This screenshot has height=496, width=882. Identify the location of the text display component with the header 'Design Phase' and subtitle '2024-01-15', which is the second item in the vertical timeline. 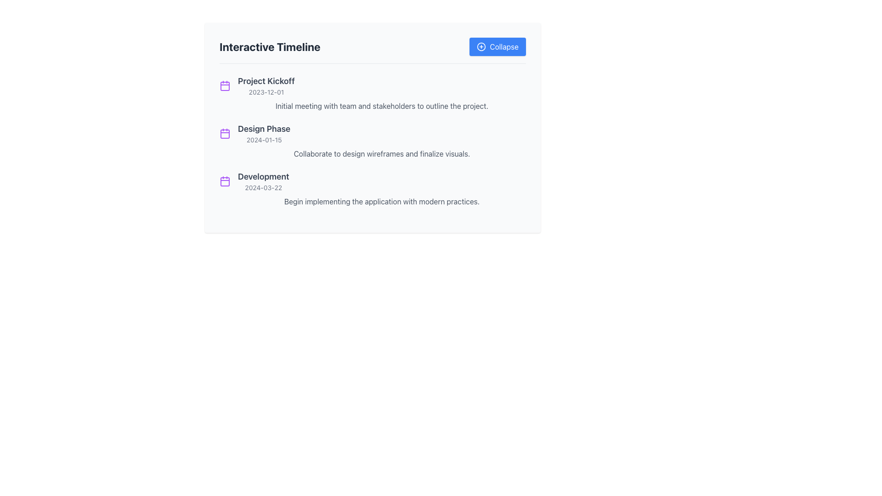
(264, 133).